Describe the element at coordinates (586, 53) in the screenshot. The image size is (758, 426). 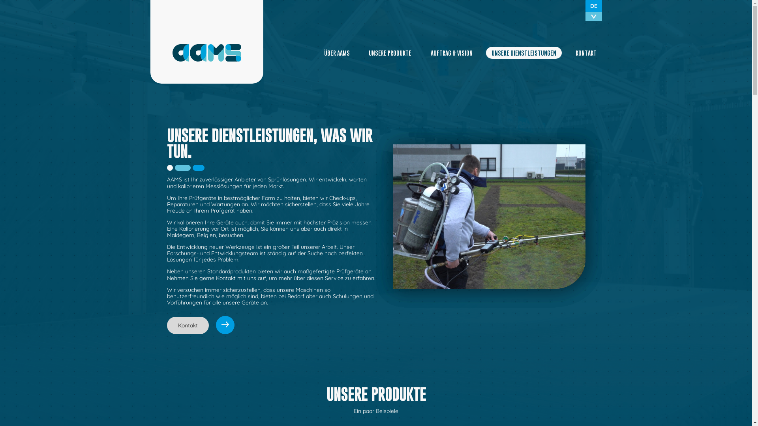
I see `'KONTAKT'` at that location.